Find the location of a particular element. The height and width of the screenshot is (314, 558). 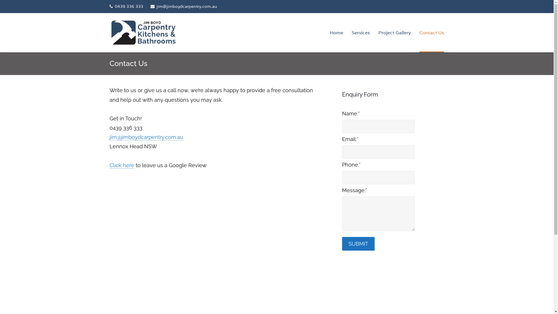

'Skip to content' is located at coordinates (0, 0).